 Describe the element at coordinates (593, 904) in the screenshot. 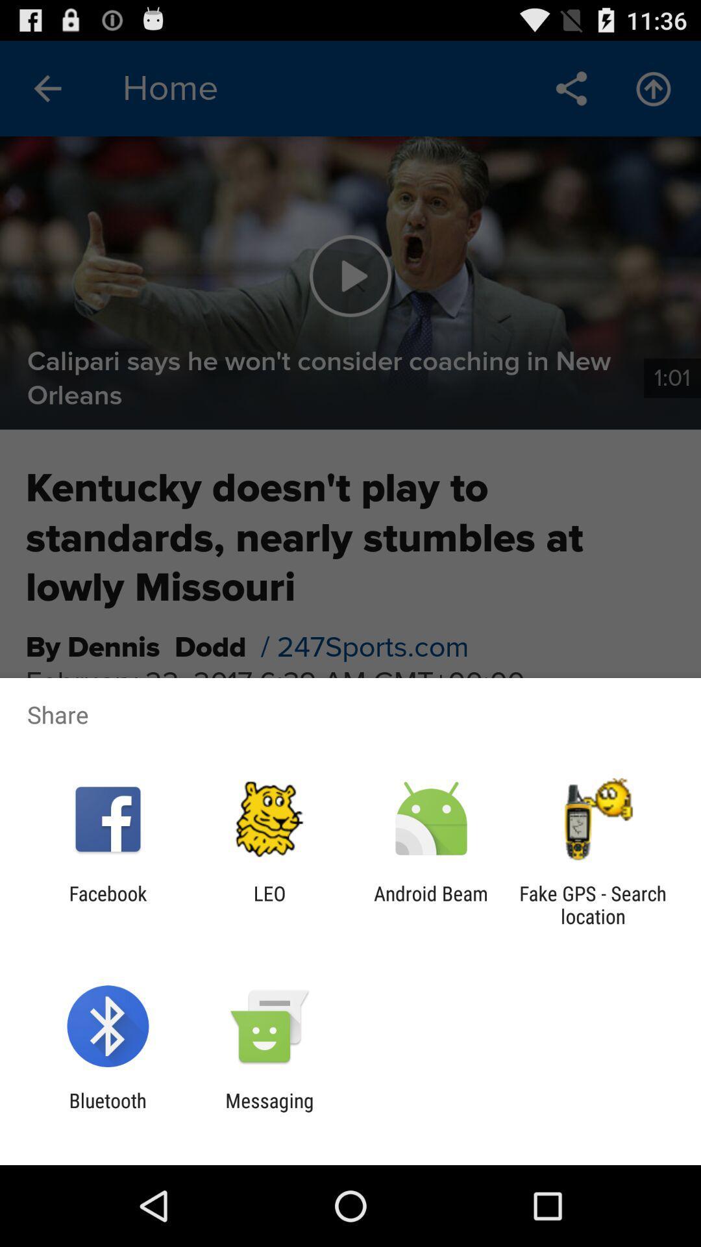

I see `the icon next to the android beam item` at that location.